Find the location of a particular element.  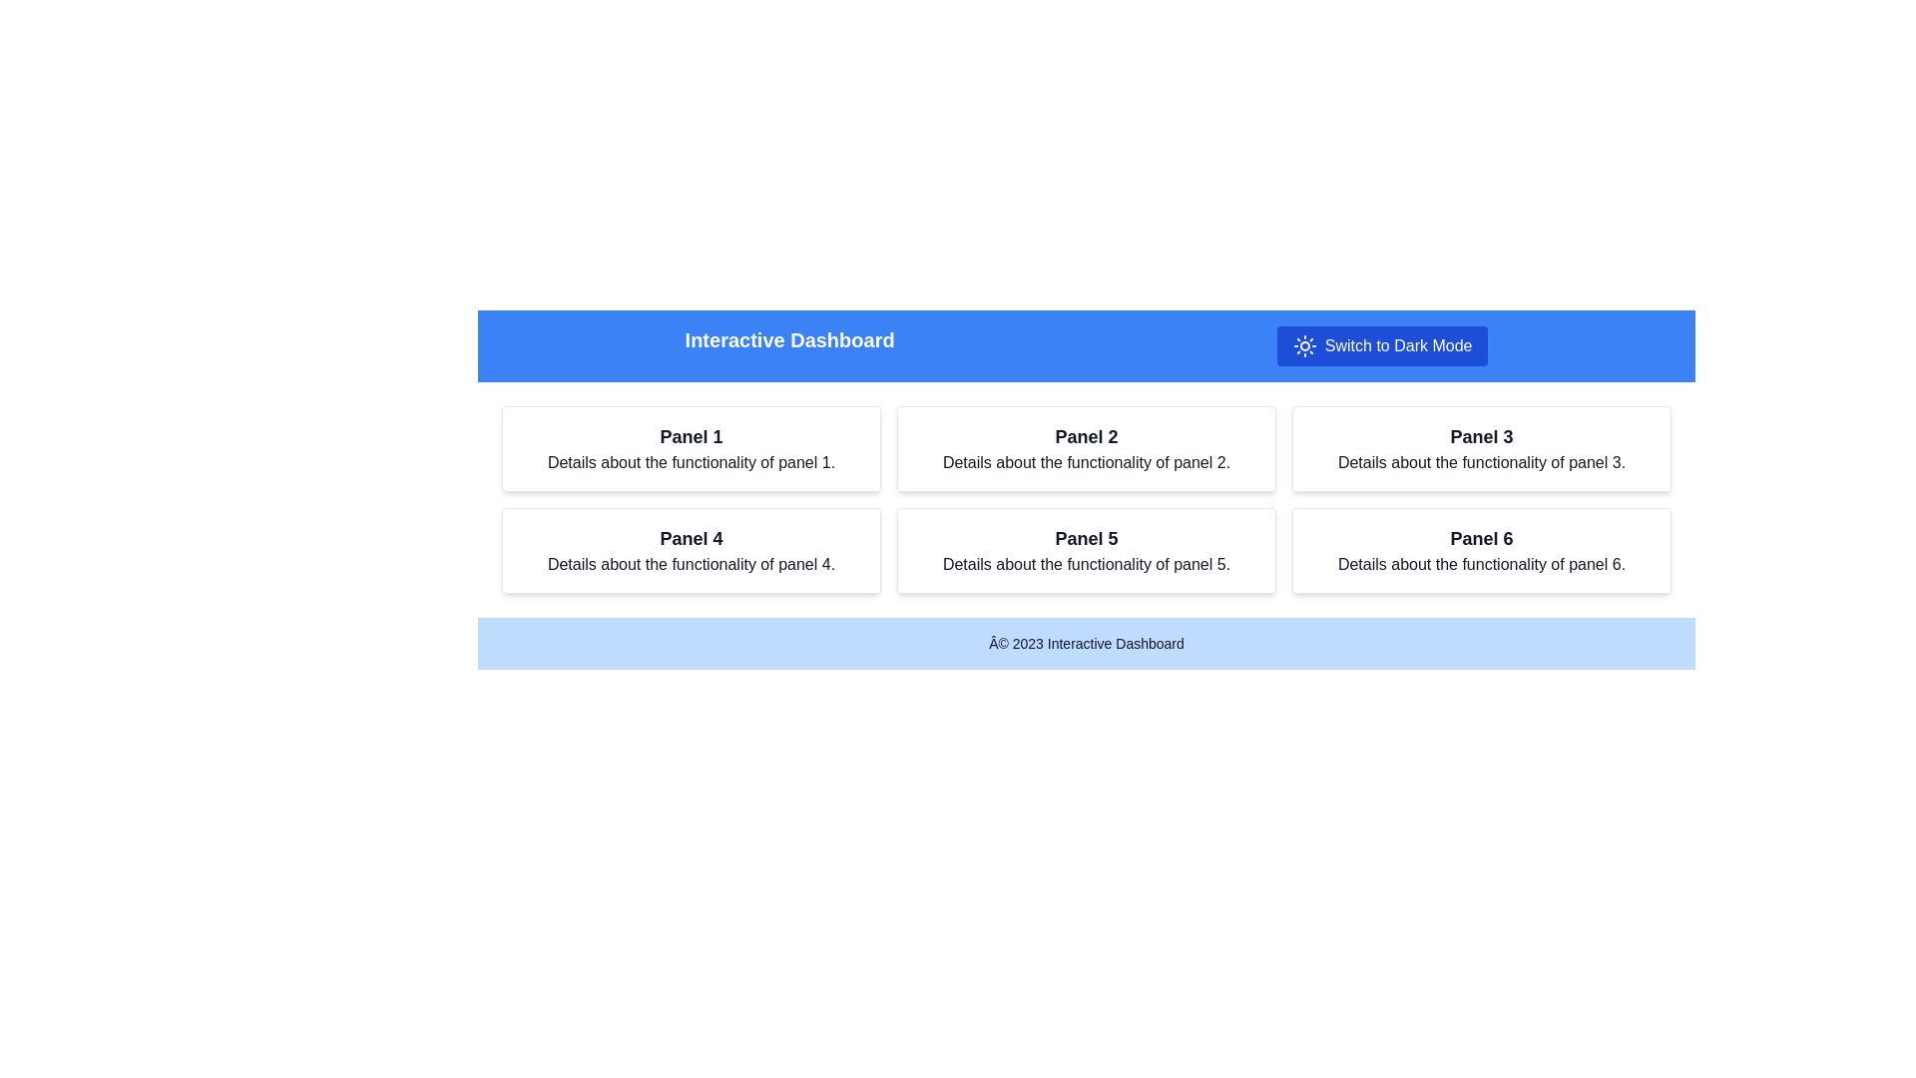

the text label that provides additional descriptive information related to 'Panel 1' in the dashboard layout, located below the title 'Panel 1' is located at coordinates (691, 462).